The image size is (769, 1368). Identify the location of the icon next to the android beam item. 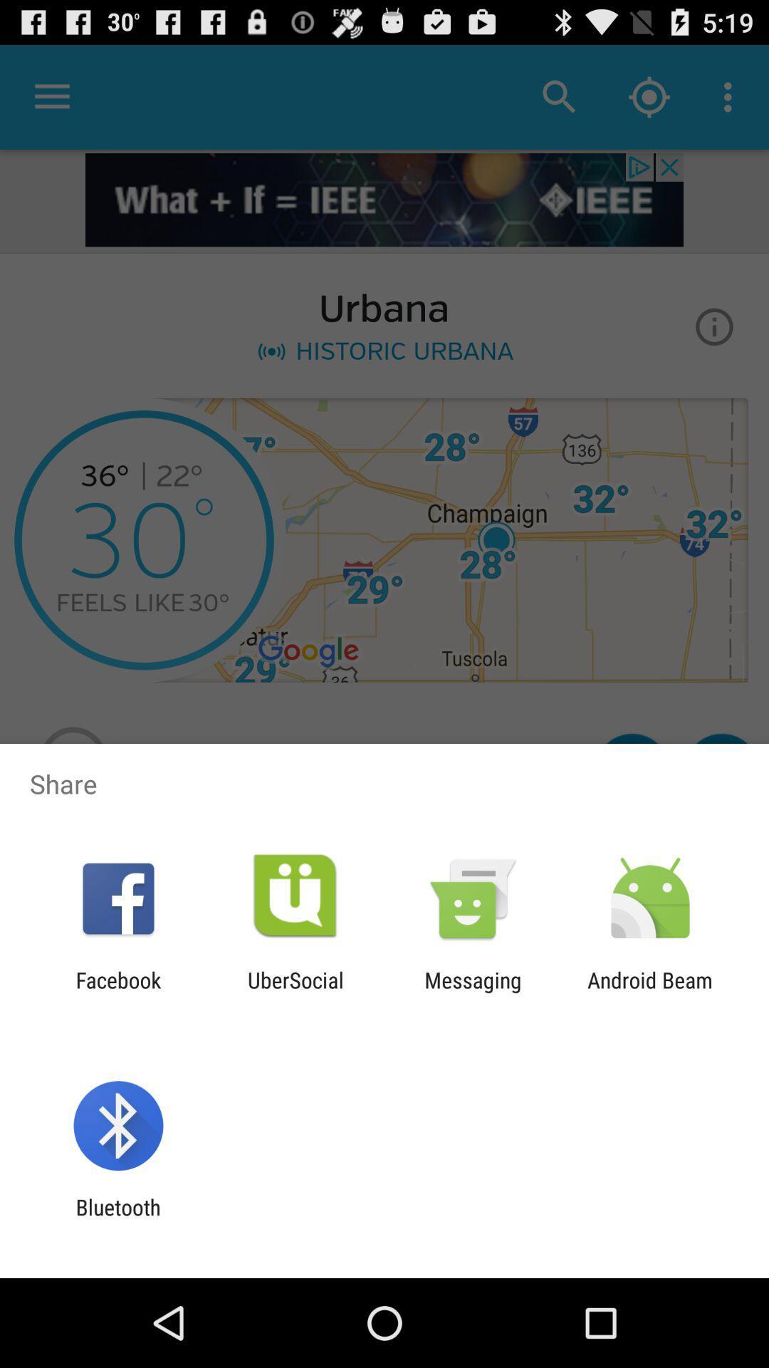
(473, 992).